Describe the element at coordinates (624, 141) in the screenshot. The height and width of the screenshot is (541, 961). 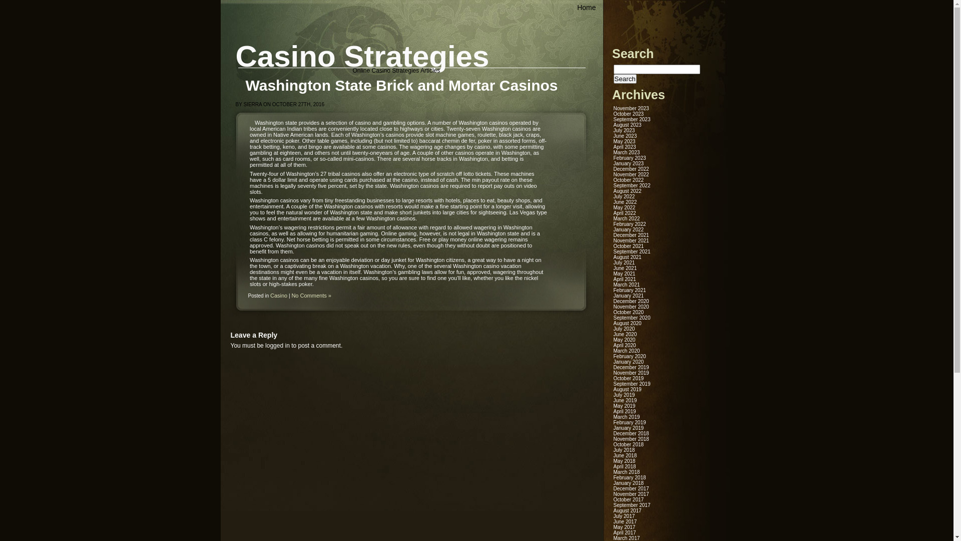
I see `'May 2023'` at that location.